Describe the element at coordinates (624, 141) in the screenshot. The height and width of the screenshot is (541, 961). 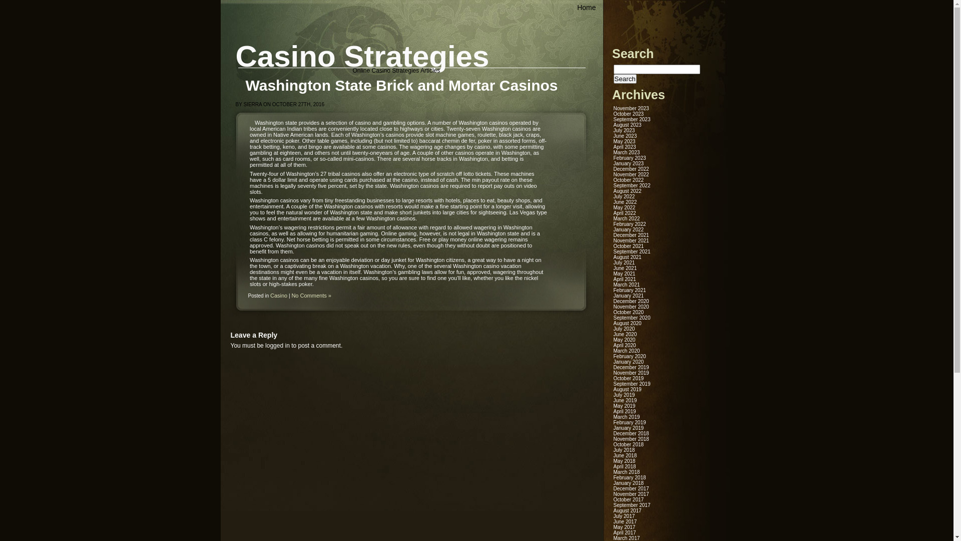
I see `'May 2023'` at that location.